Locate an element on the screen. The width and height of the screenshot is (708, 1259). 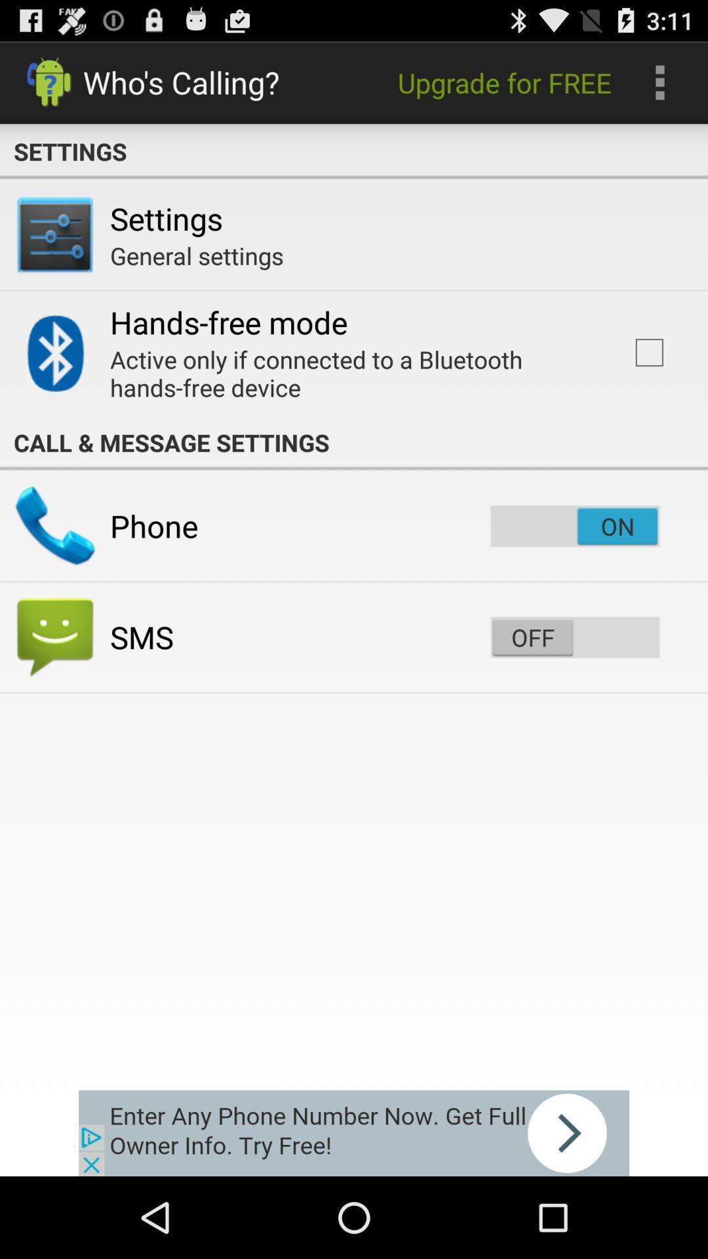
phone call setting on is located at coordinates (574, 526).